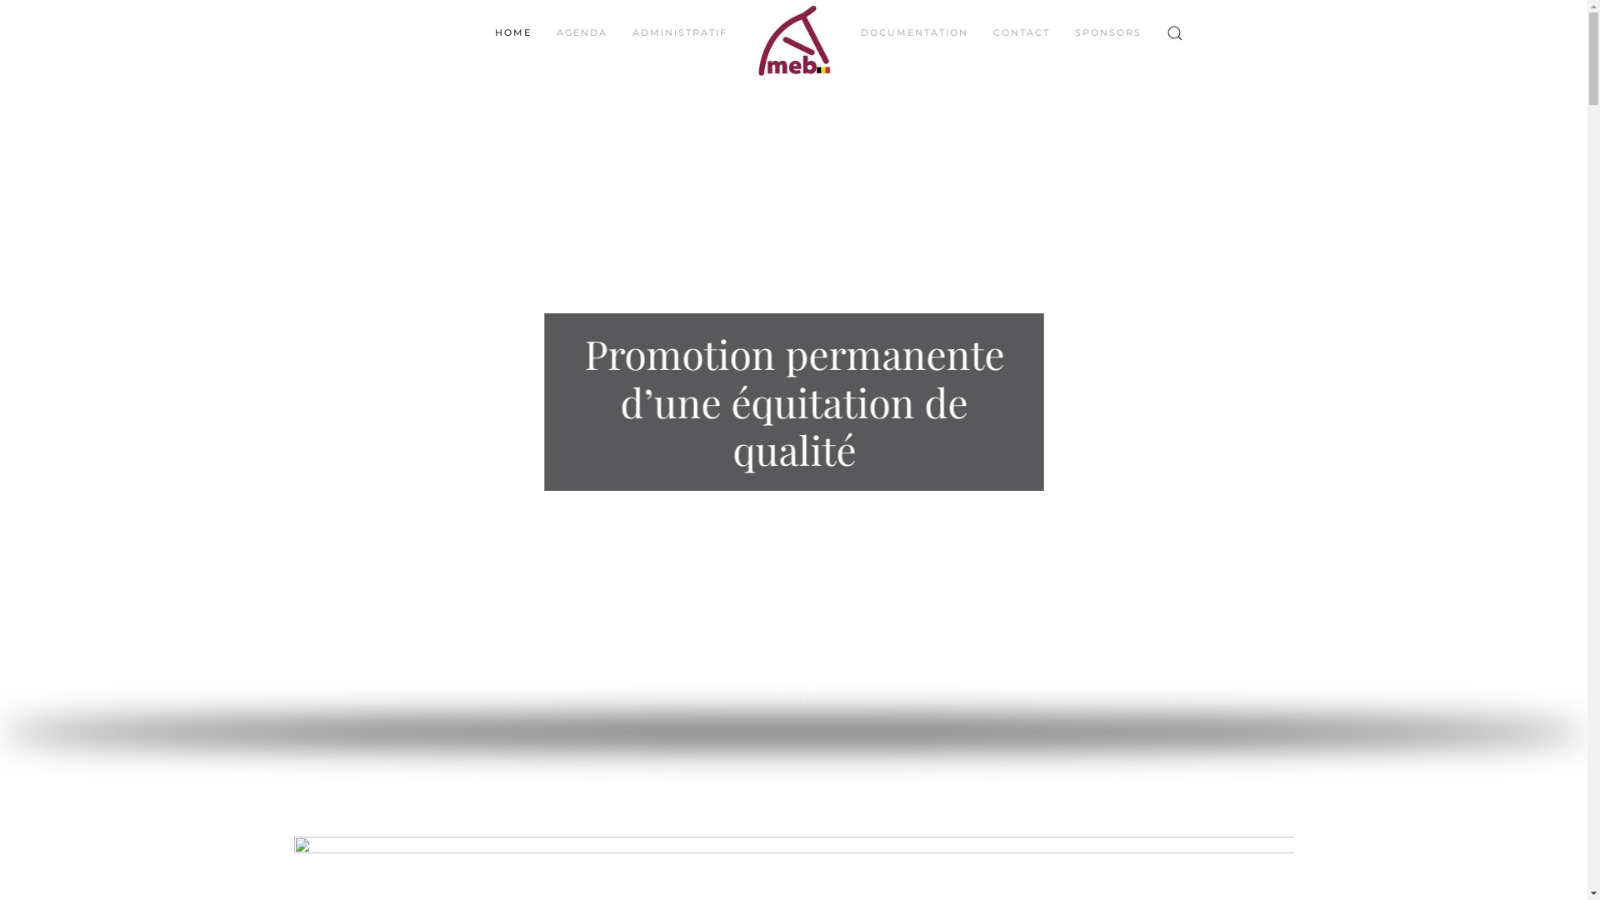 Image resolution: width=1600 pixels, height=900 pixels. Describe the element at coordinates (582, 32) in the screenshot. I see `'AGENDA'` at that location.